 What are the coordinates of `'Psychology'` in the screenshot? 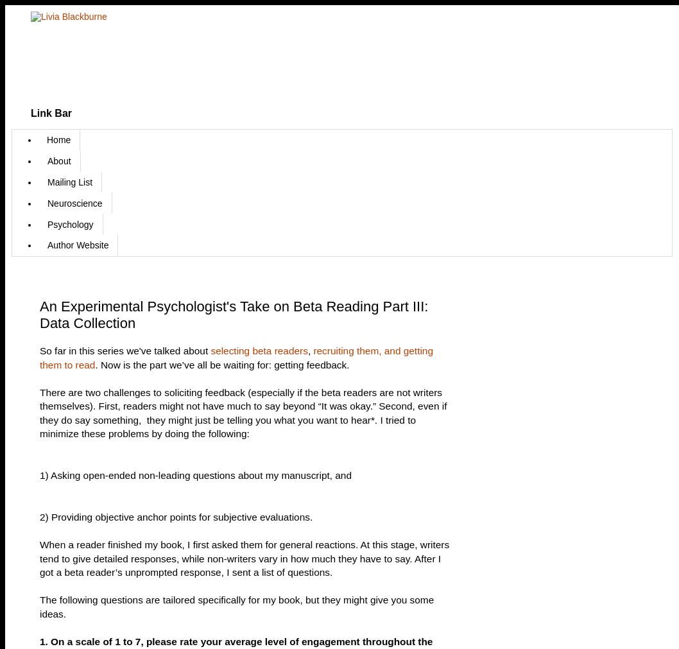 It's located at (69, 223).